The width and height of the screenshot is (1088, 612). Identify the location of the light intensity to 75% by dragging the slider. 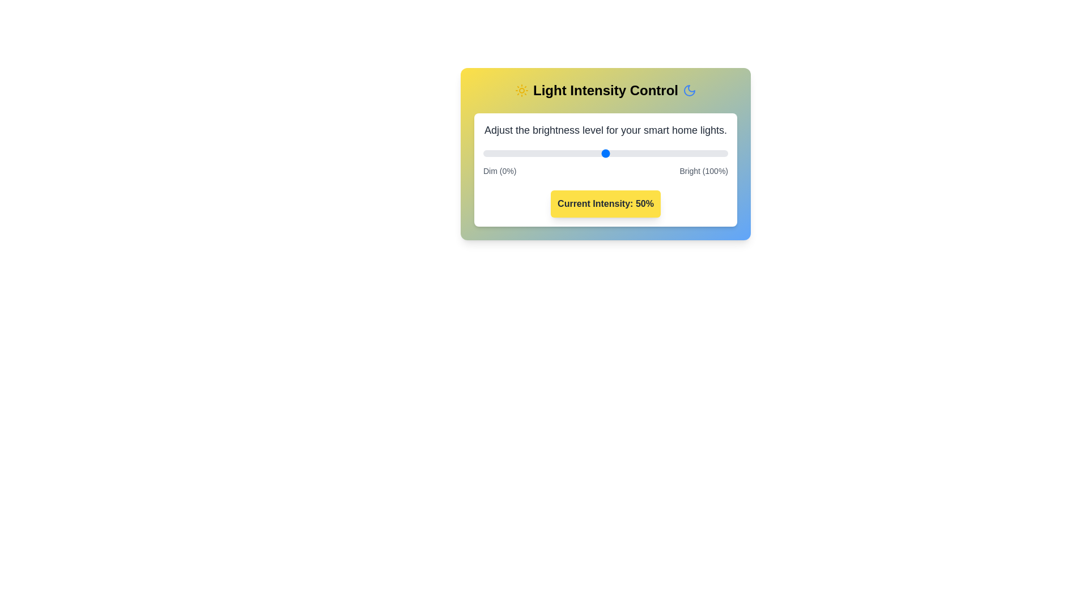
(666, 153).